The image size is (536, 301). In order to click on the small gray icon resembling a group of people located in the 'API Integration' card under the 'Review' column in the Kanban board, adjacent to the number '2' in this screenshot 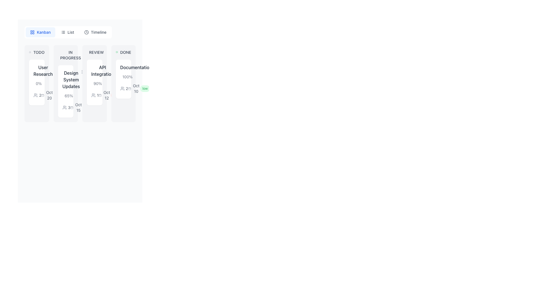, I will do `click(94, 95)`.